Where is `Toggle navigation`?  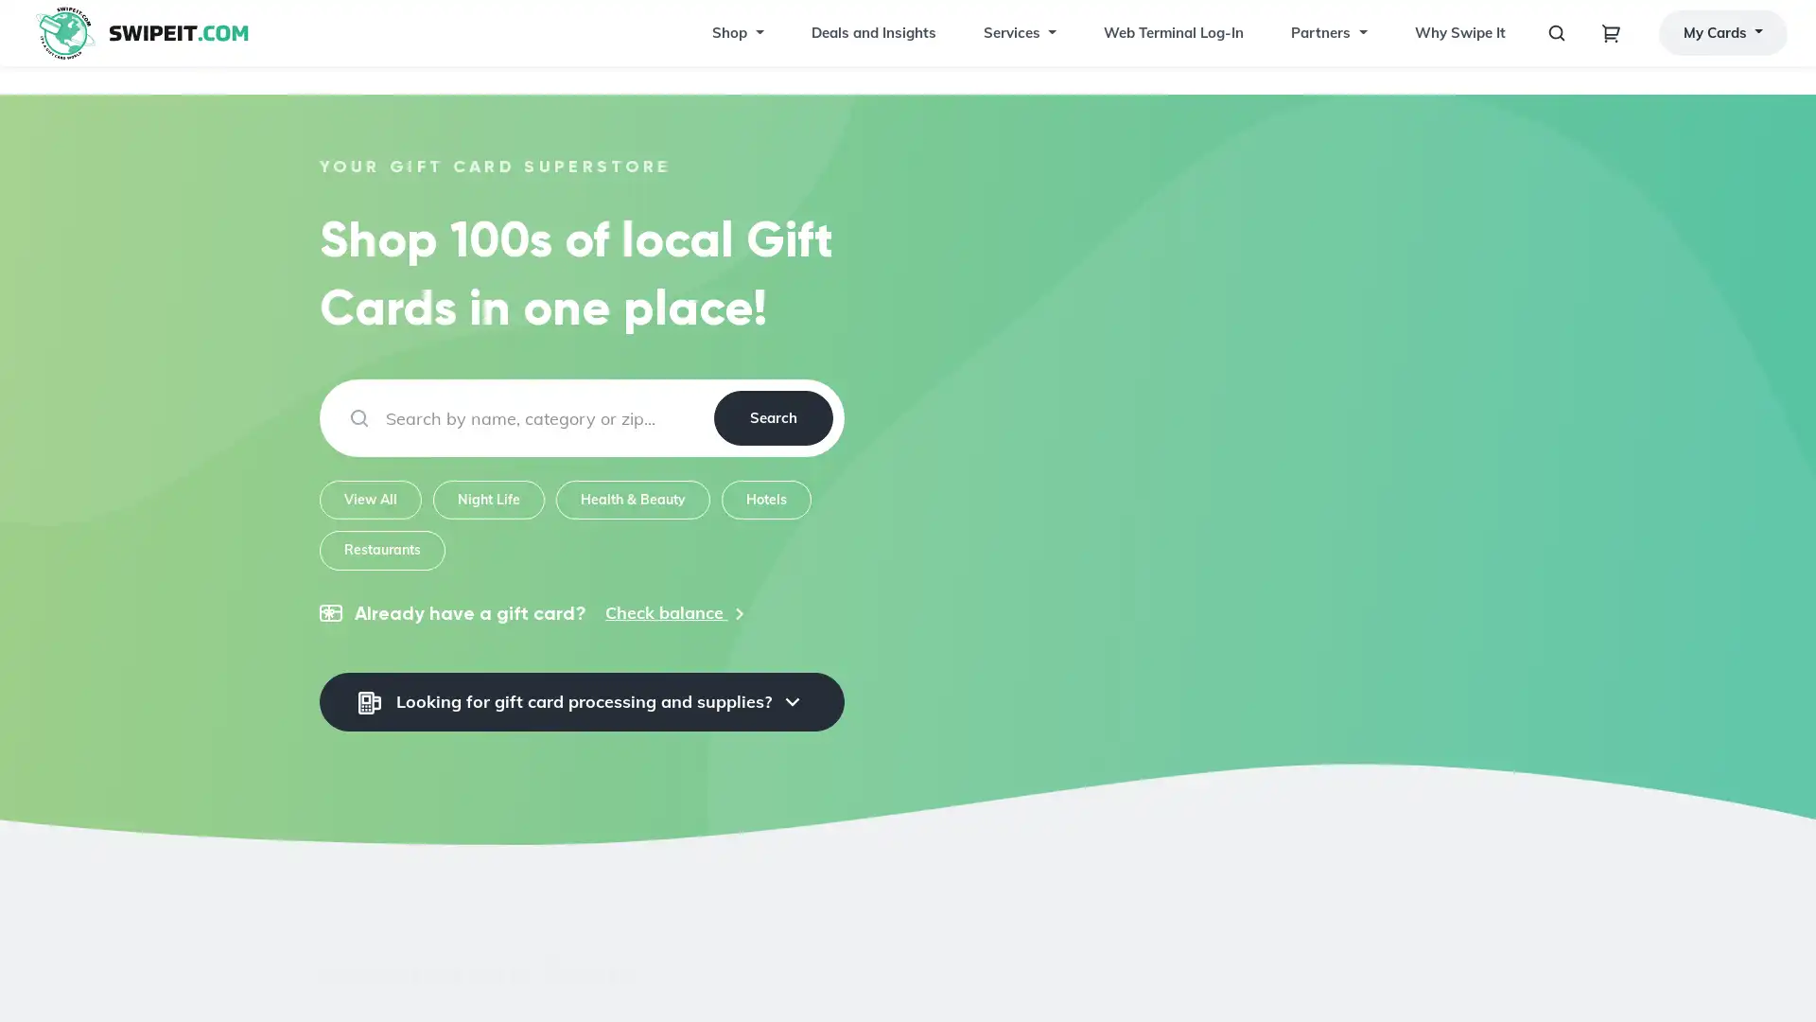
Toggle navigation is located at coordinates (1611, 46).